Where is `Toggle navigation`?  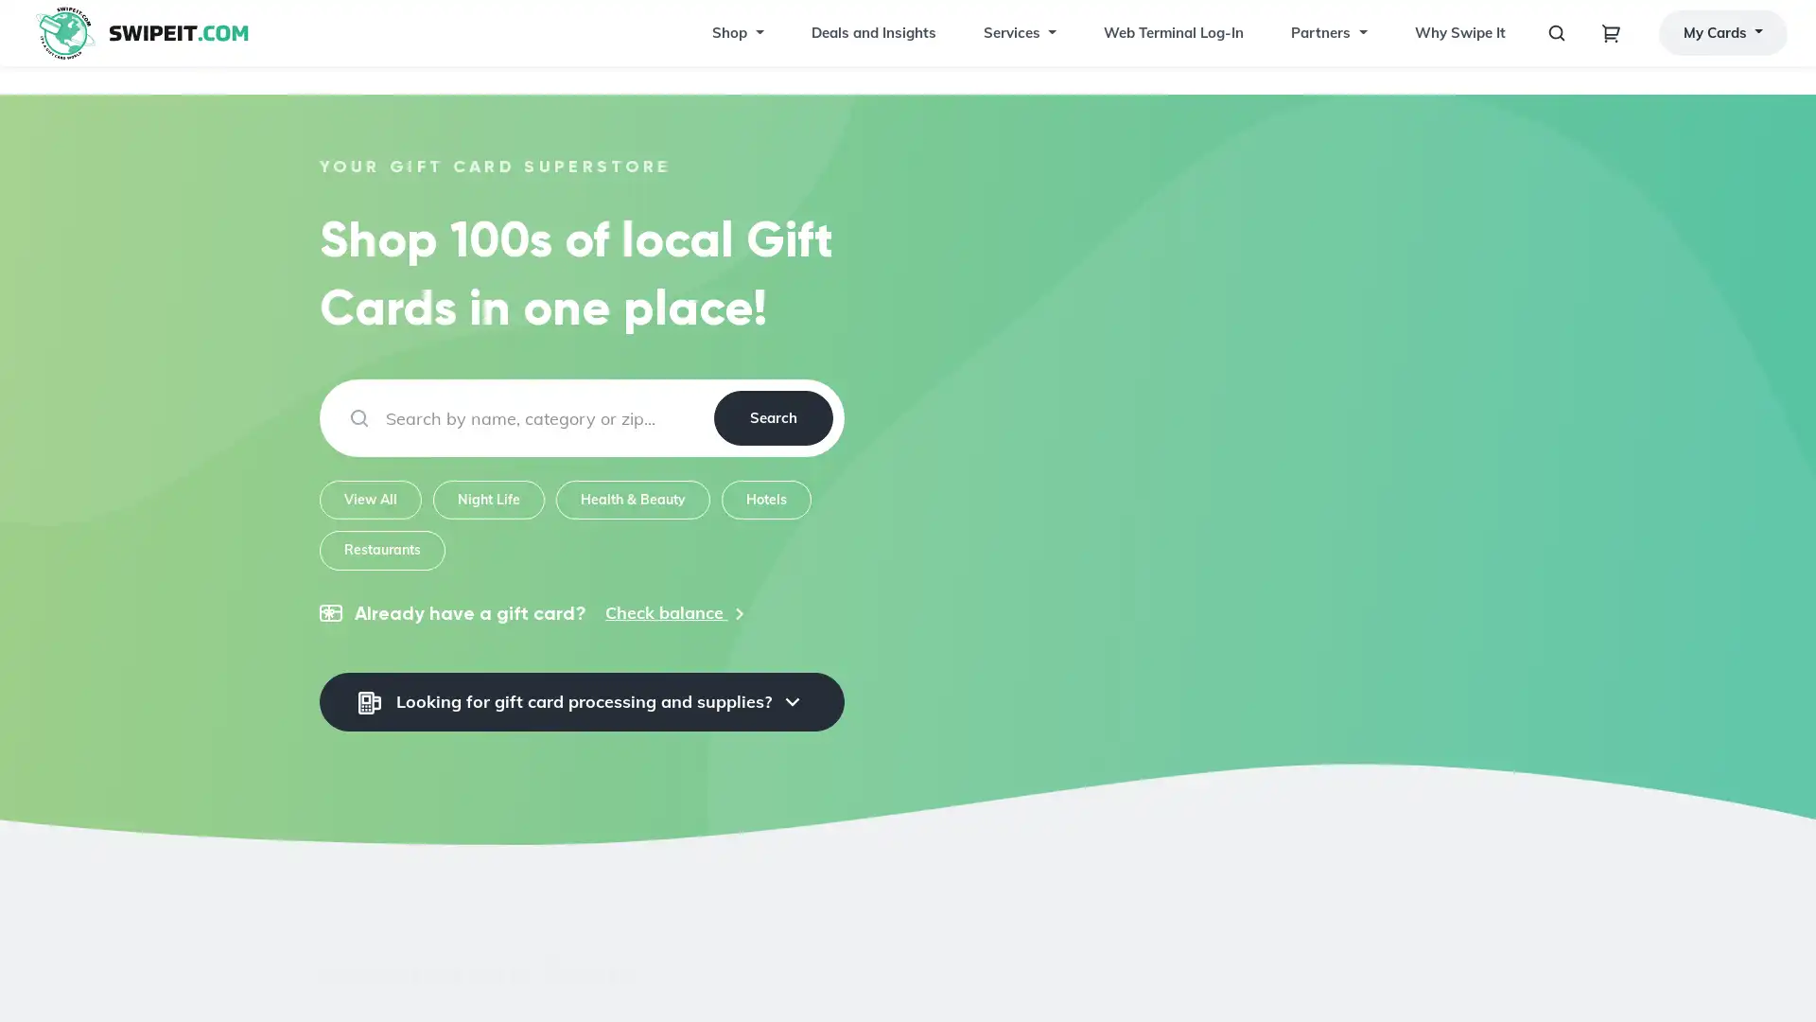
Toggle navigation is located at coordinates (1611, 46).